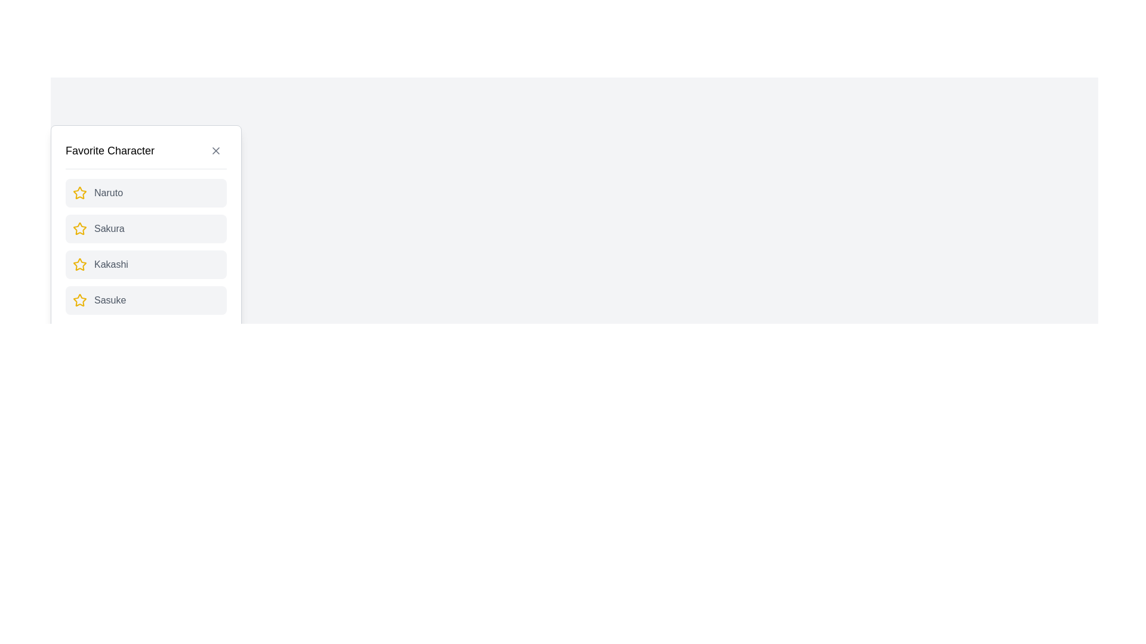  I want to click on to select the second item in the 'Favorite Character' list, positioned below 'Naruto' and above 'Kakashi', so click(145, 229).